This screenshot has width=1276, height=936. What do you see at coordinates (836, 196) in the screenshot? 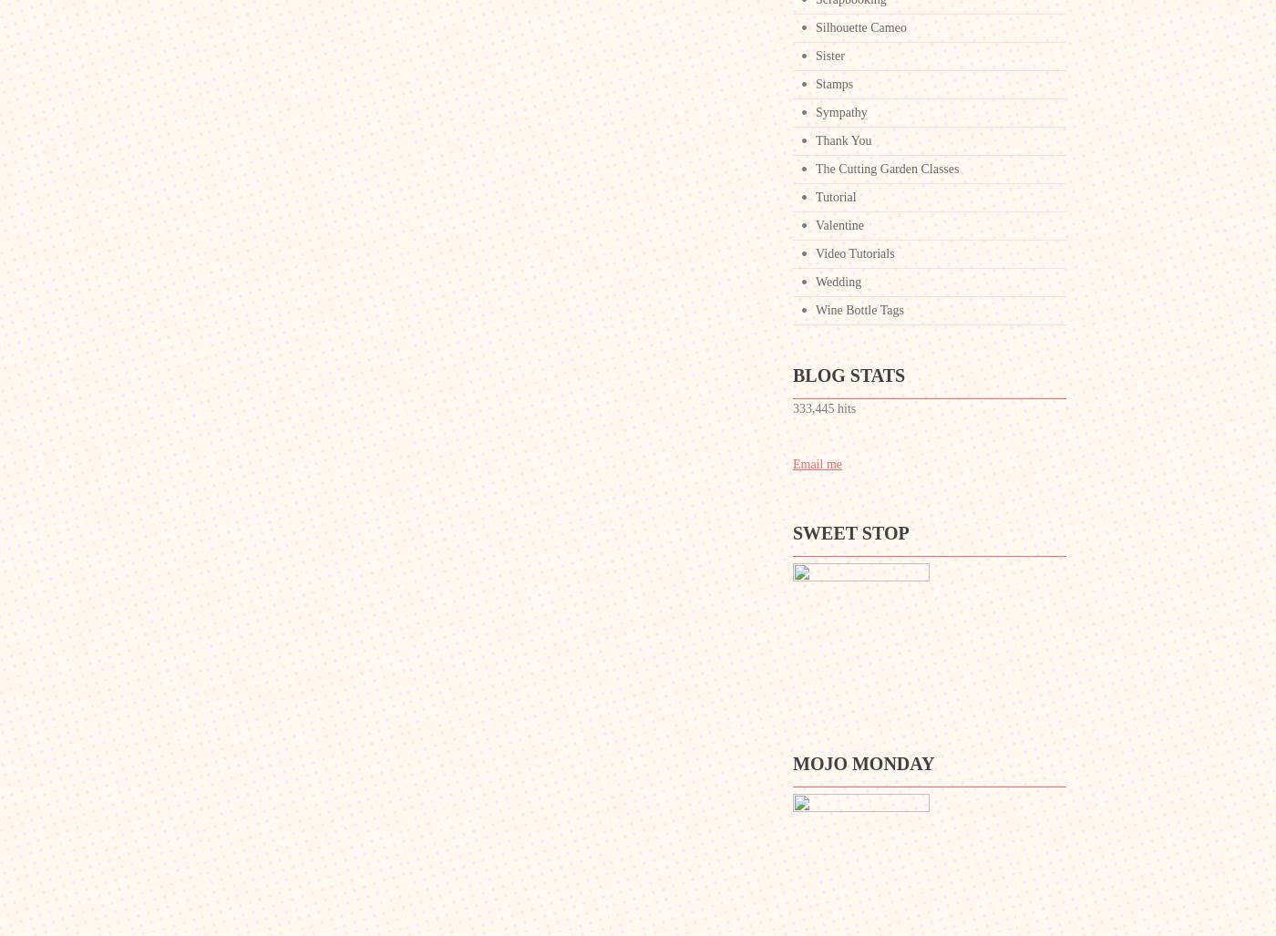
I see `'Tutorial'` at bounding box center [836, 196].